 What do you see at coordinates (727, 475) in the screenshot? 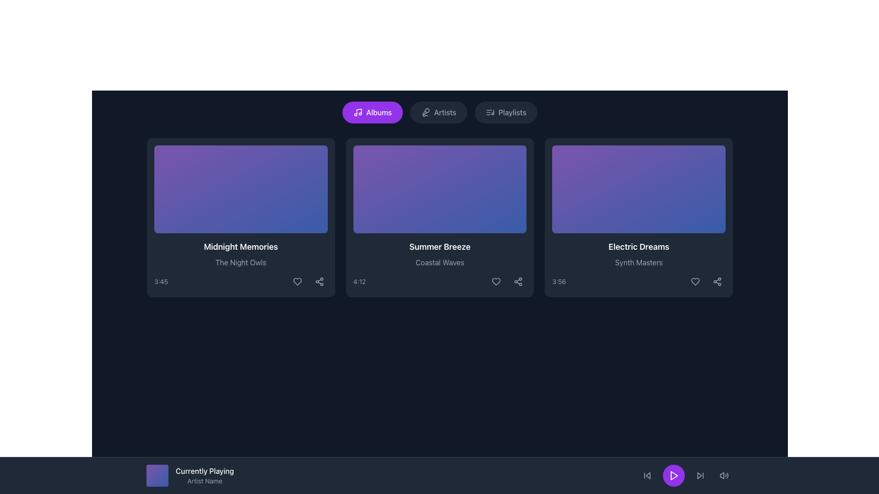
I see `the volume control icon represented by a curved line symbolizing sound waves, located in the lower-right corner of the interface` at bounding box center [727, 475].